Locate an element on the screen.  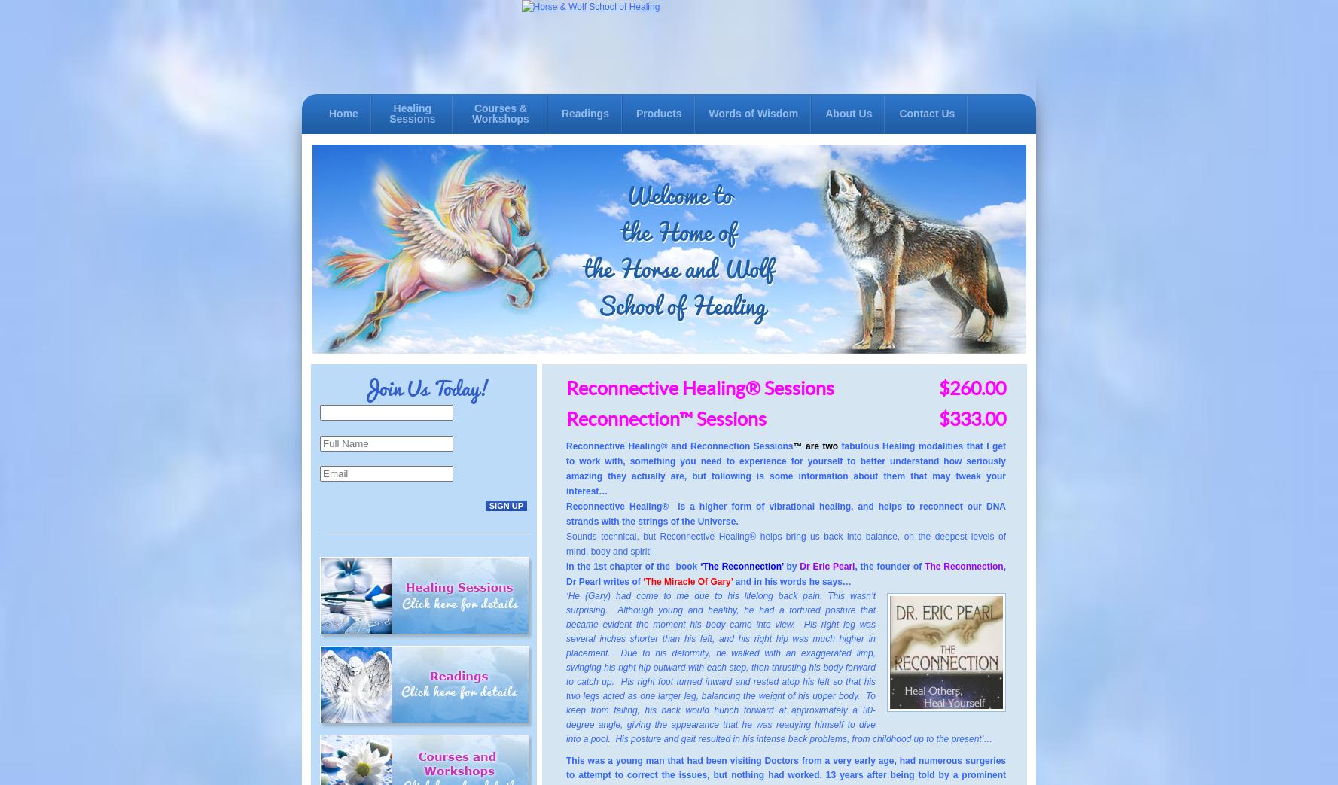
'by' is located at coordinates (783, 566).